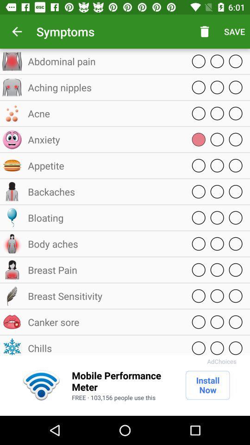  I want to click on the item below breast pain icon, so click(104, 295).